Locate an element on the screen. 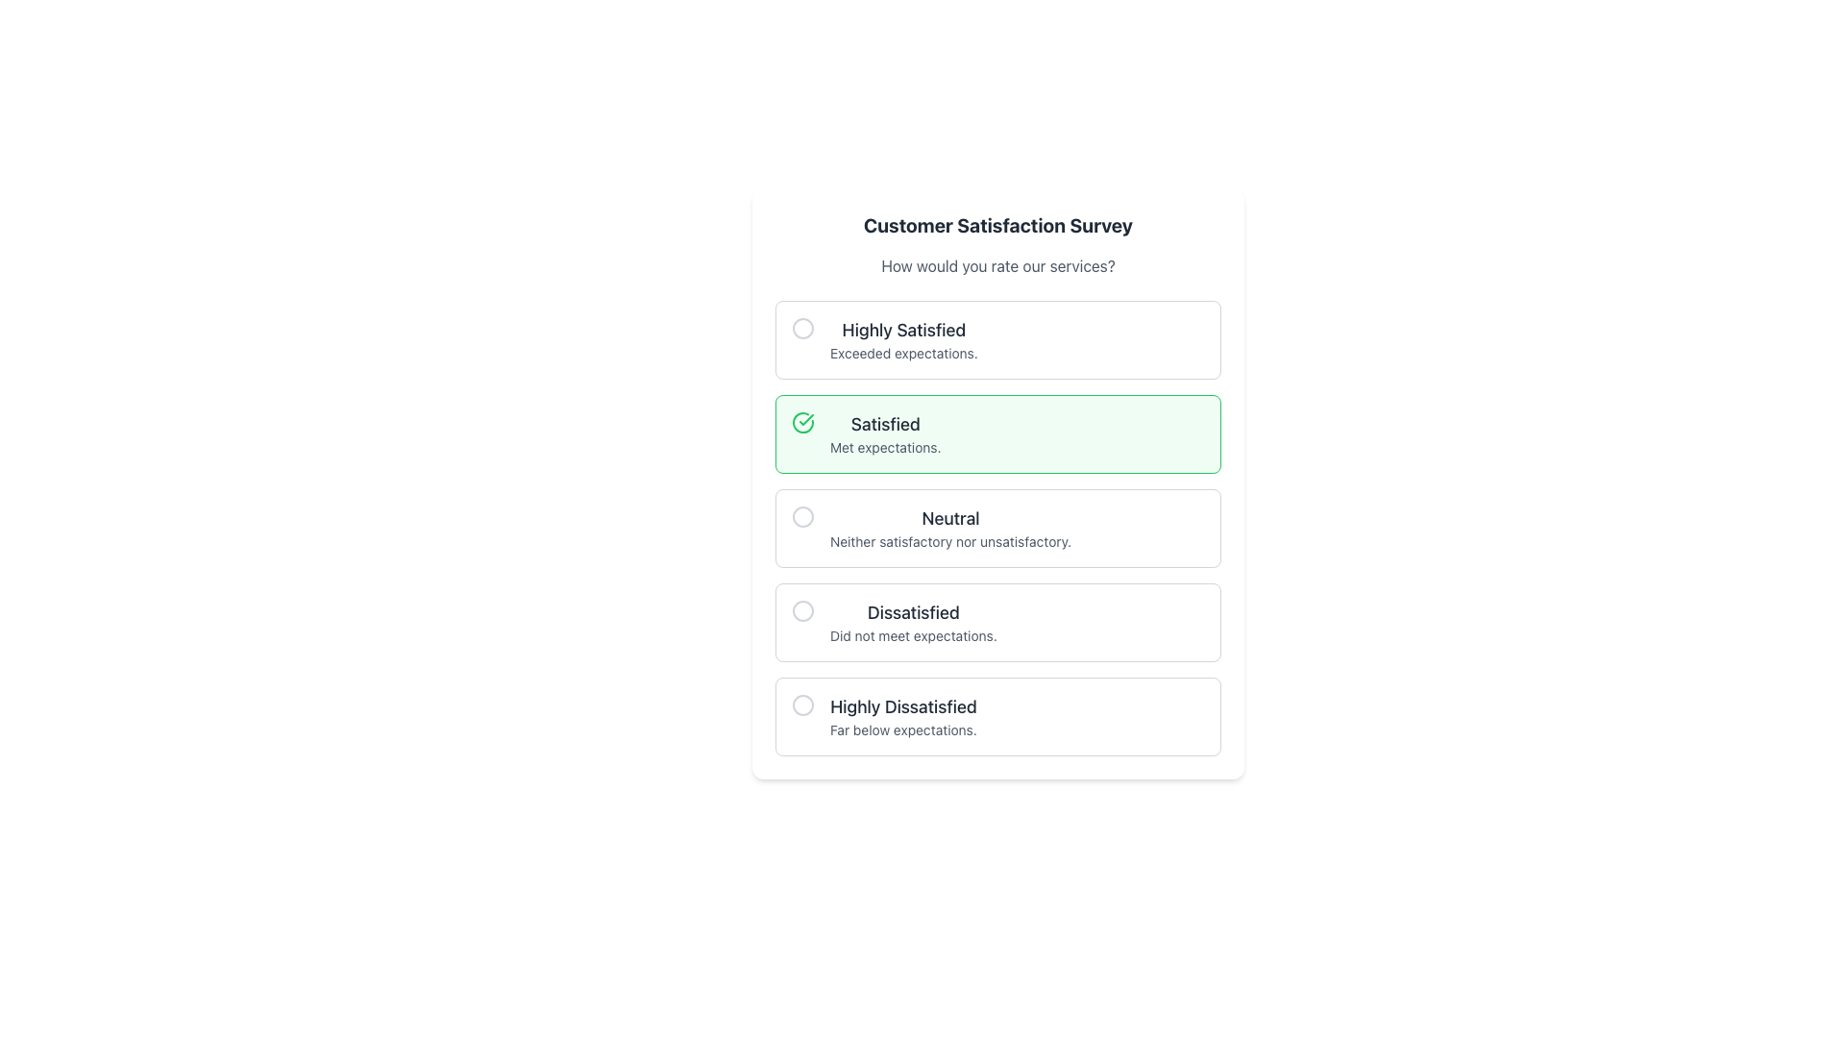  the medium-sized circular icon with a green stroke color and a checkmark inside, which is located to the left of the 'Satisfied' text in the survey interface is located at coordinates (802, 421).